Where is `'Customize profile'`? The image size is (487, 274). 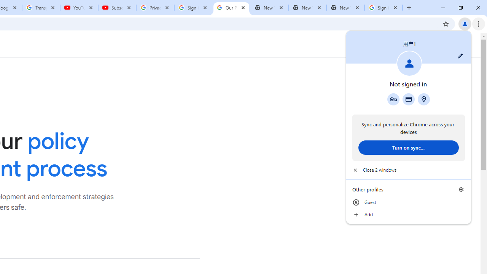
'Customize profile' is located at coordinates (460, 56).